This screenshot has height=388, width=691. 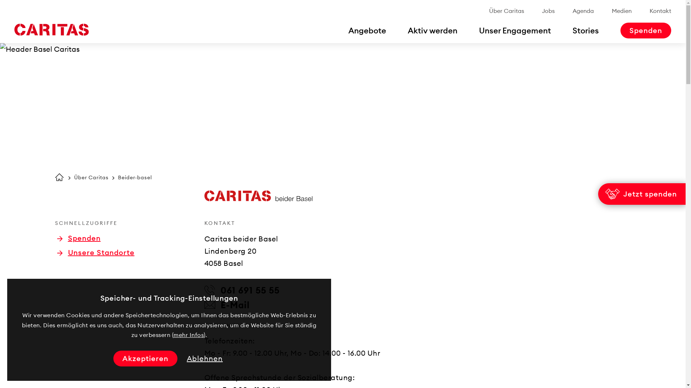 I want to click on 'mehr Infos', so click(x=188, y=335).